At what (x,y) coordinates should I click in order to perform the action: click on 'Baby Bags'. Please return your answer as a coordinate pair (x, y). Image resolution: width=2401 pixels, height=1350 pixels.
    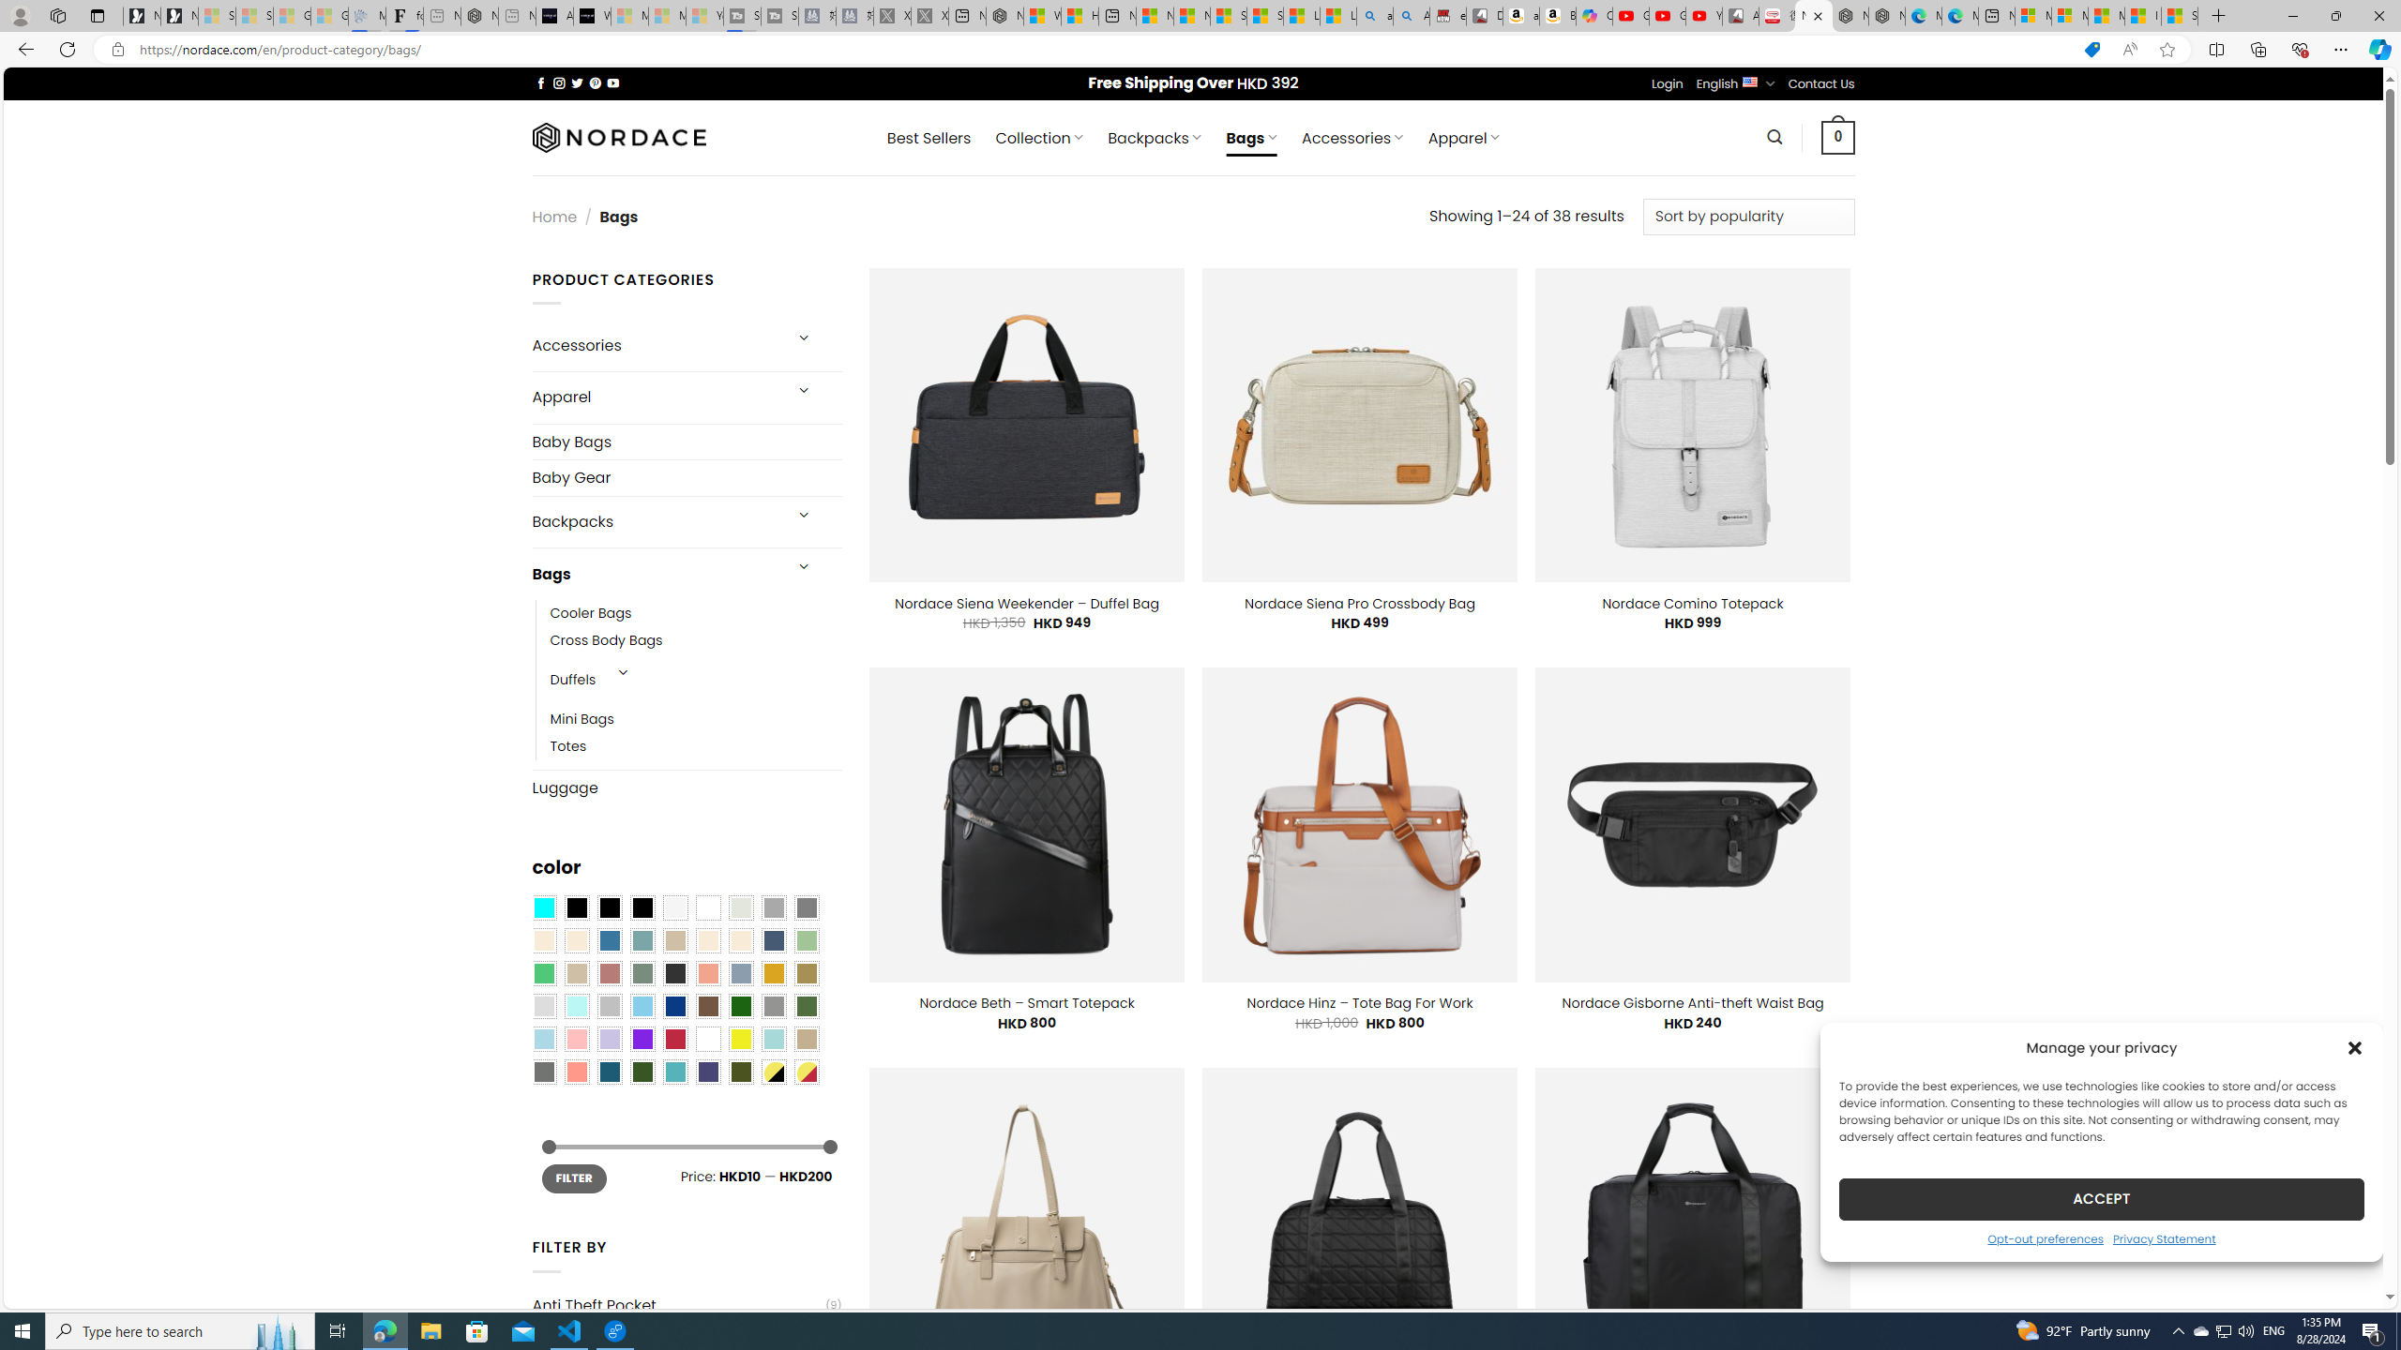
    Looking at the image, I should click on (686, 442).